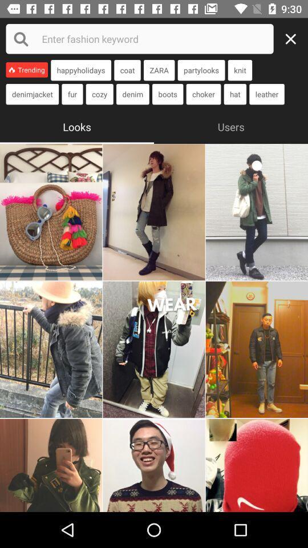 The width and height of the screenshot is (308, 548). I want to click on that photo, so click(154, 211).